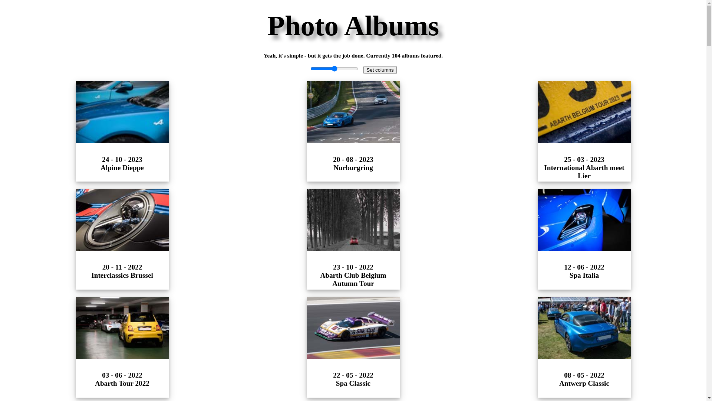  What do you see at coordinates (380, 70) in the screenshot?
I see `'Set columns'` at bounding box center [380, 70].